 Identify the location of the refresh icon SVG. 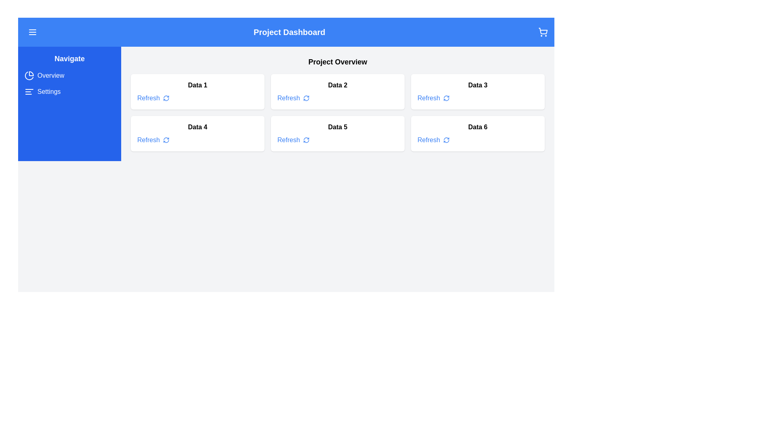
(165, 139).